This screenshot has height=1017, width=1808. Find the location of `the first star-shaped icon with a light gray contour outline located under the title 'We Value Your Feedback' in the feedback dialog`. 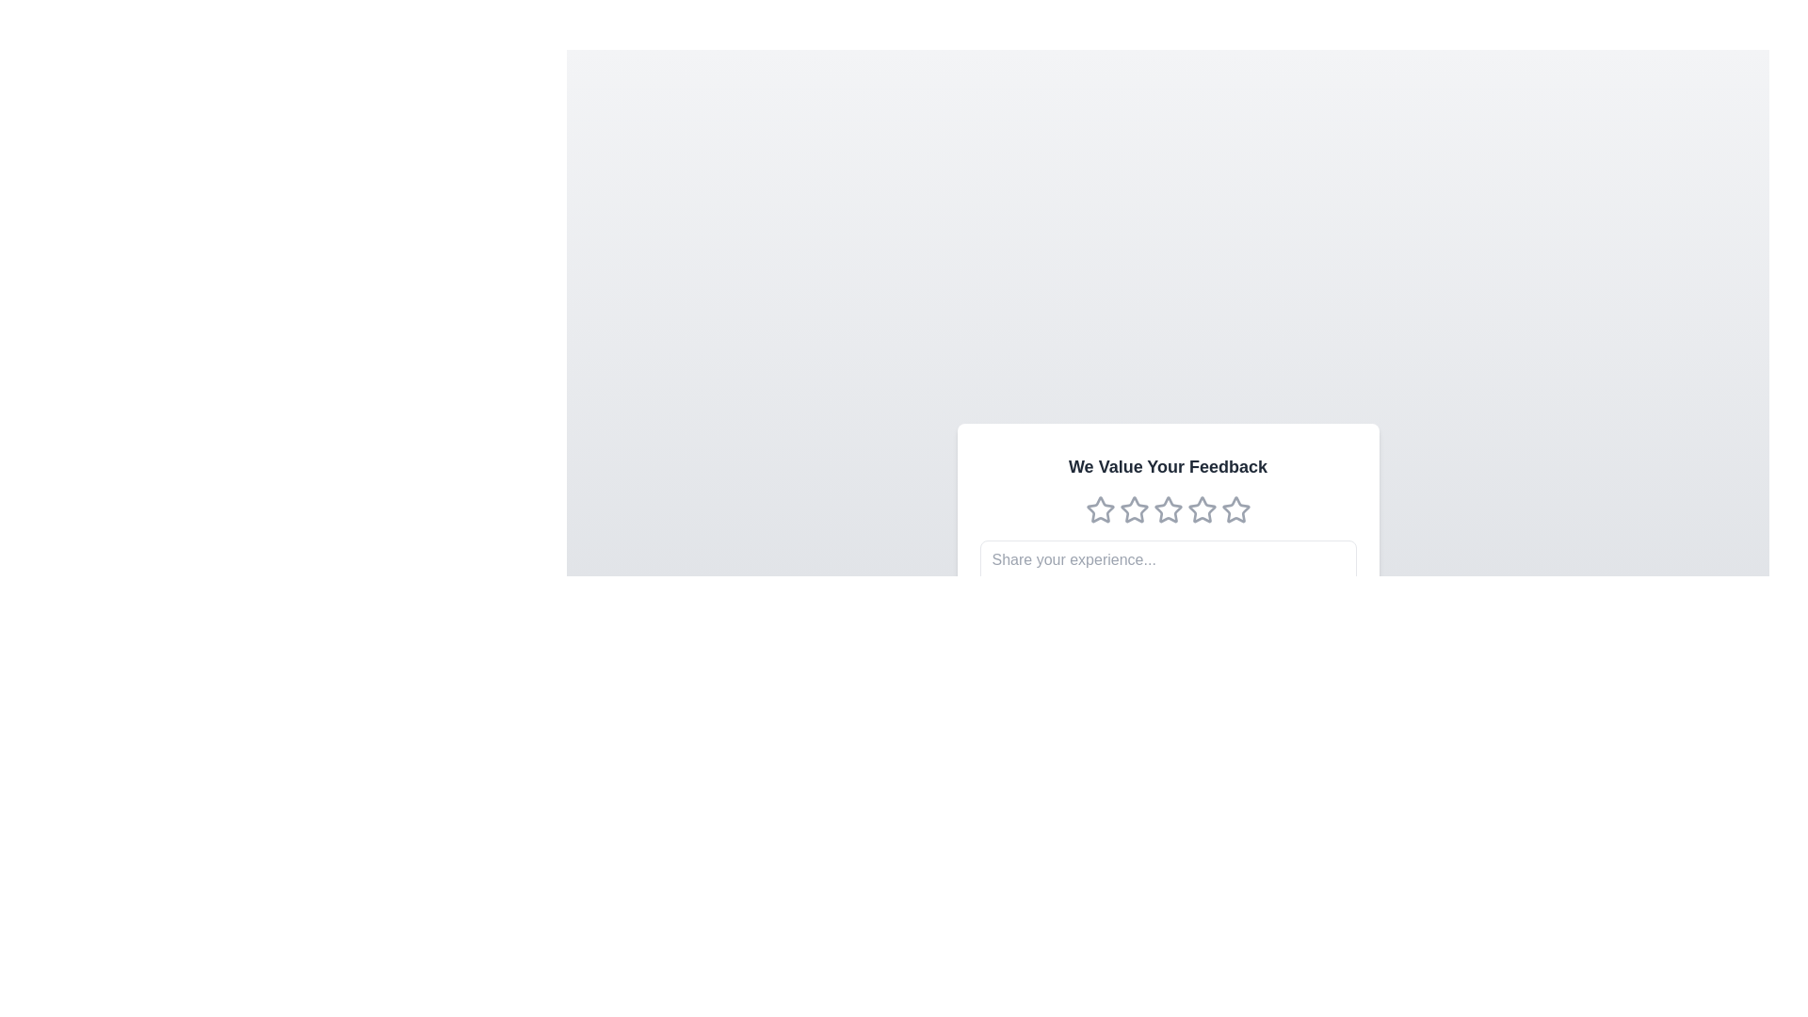

the first star-shaped icon with a light gray contour outline located under the title 'We Value Your Feedback' in the feedback dialog is located at coordinates (1099, 508).